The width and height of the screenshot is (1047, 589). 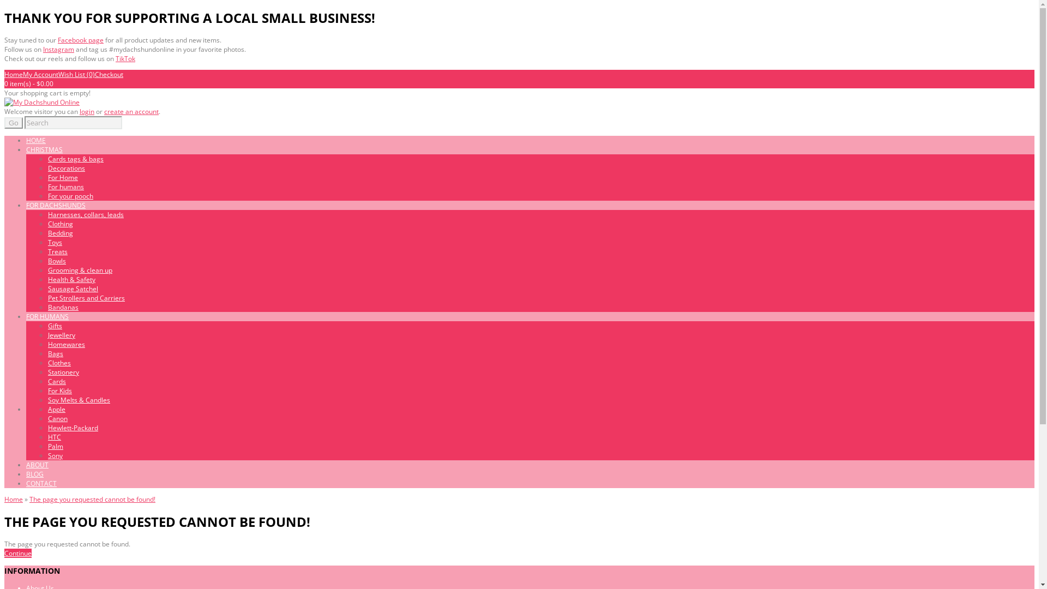 I want to click on 'create an account', so click(x=131, y=111).